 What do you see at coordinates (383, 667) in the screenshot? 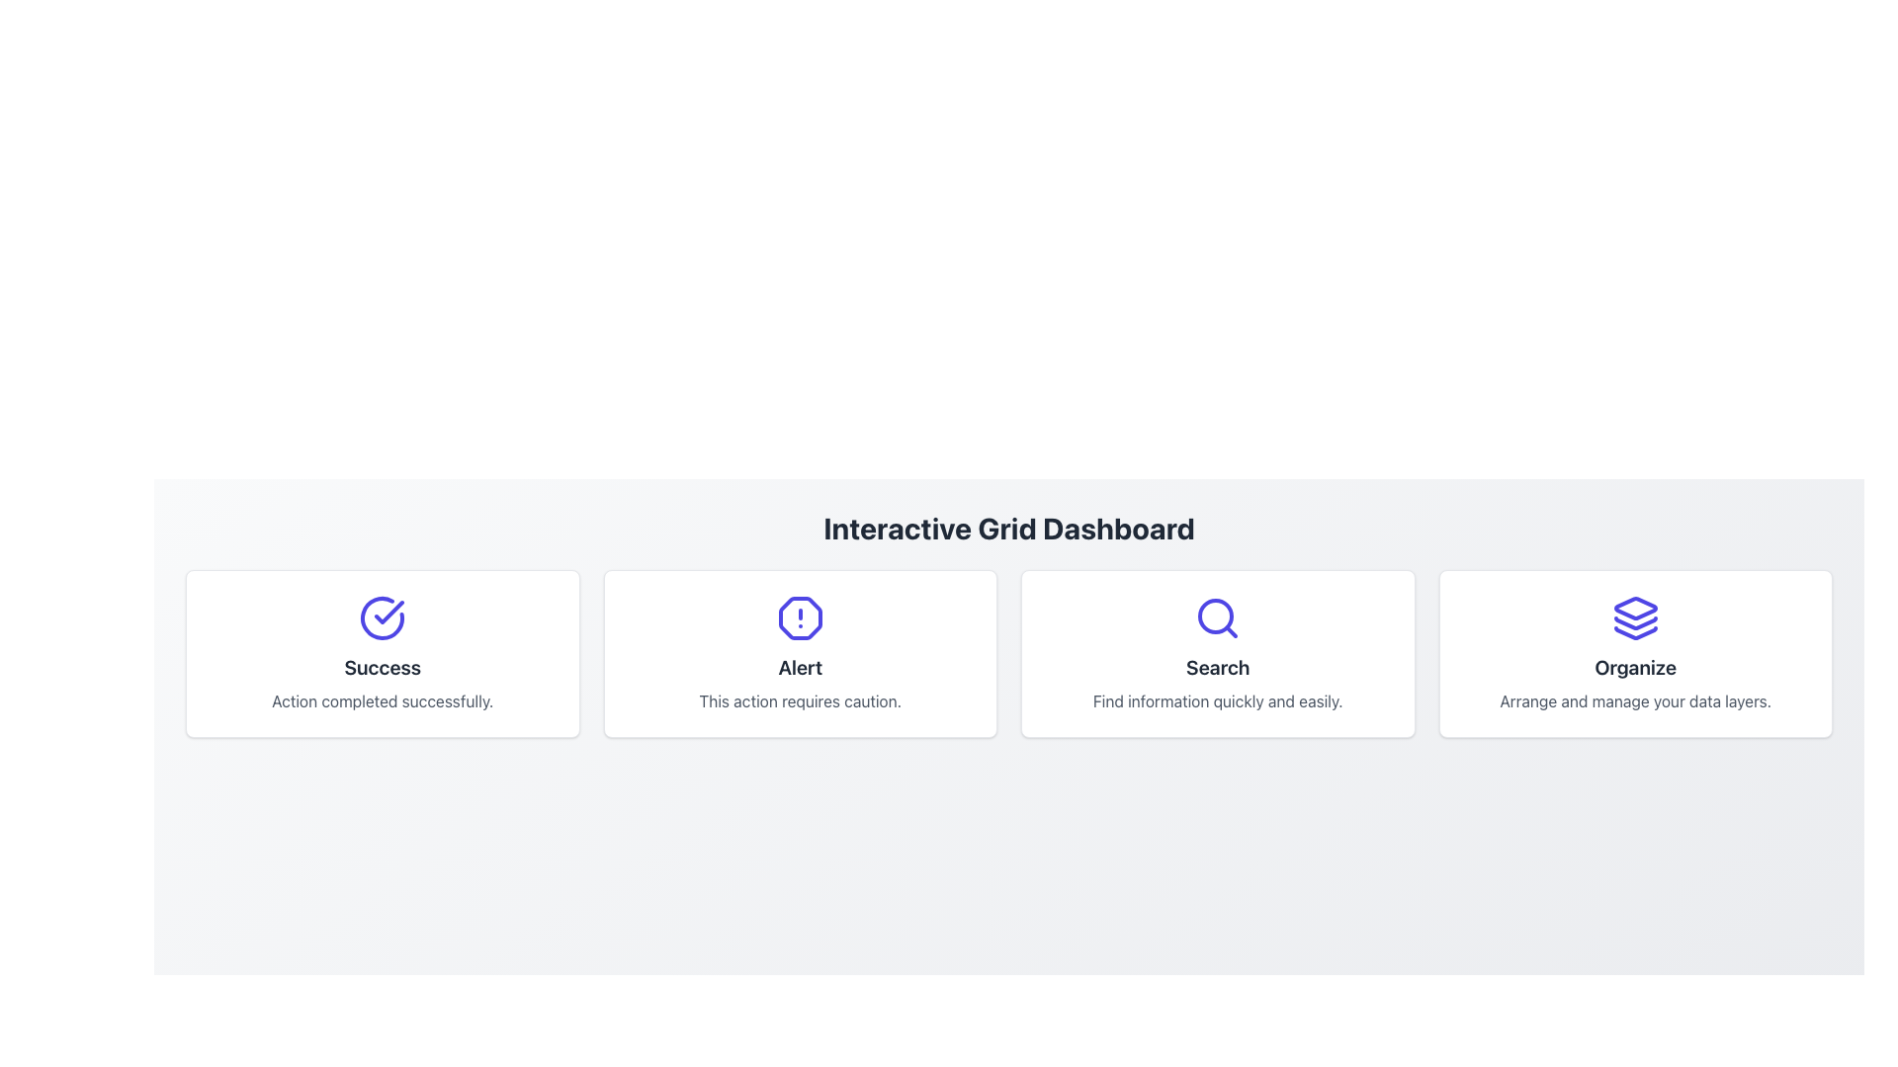
I see `the 'Success' text label, which is bold, center-aligned, and dark gray in color, located within the first card of a horizontally aligned grid` at bounding box center [383, 667].